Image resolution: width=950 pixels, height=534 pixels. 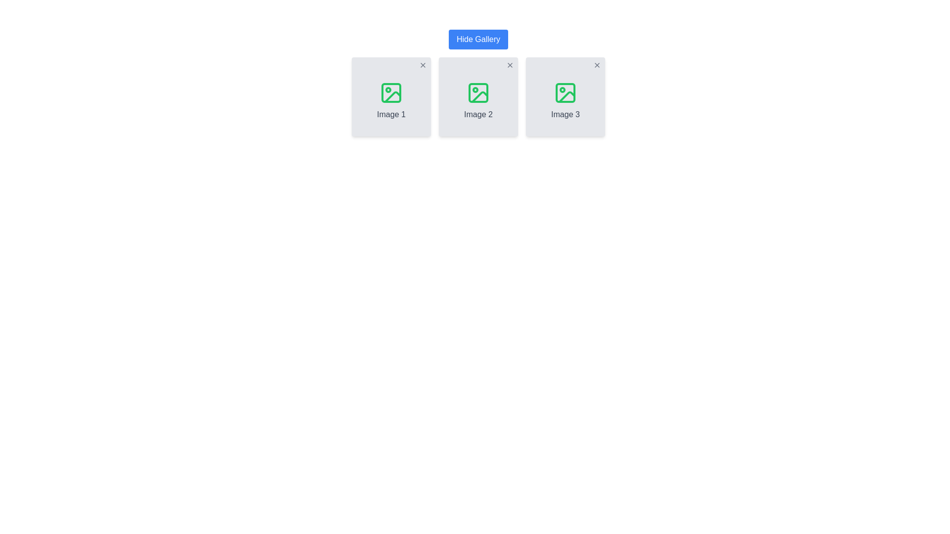 I want to click on text description of the first Card component in the gallery interface, which contains an icon and a descriptive label, so click(x=391, y=97).